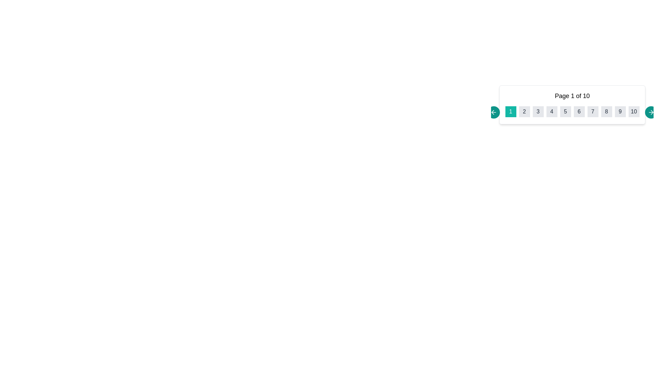 The height and width of the screenshot is (369, 657). I want to click on the fourth pagination button, so click(552, 111).